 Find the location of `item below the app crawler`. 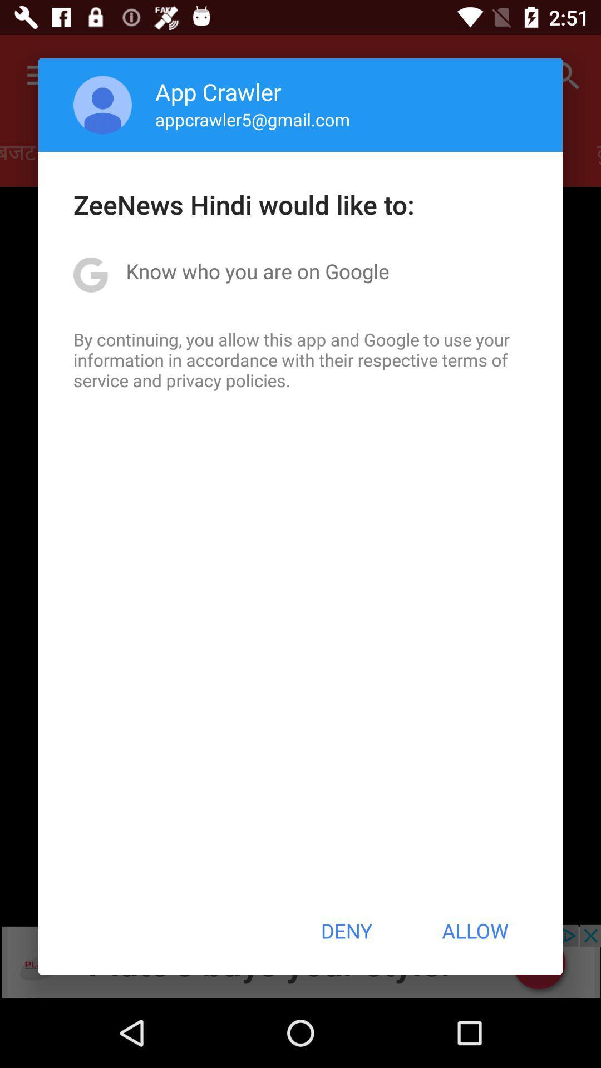

item below the app crawler is located at coordinates (253, 119).